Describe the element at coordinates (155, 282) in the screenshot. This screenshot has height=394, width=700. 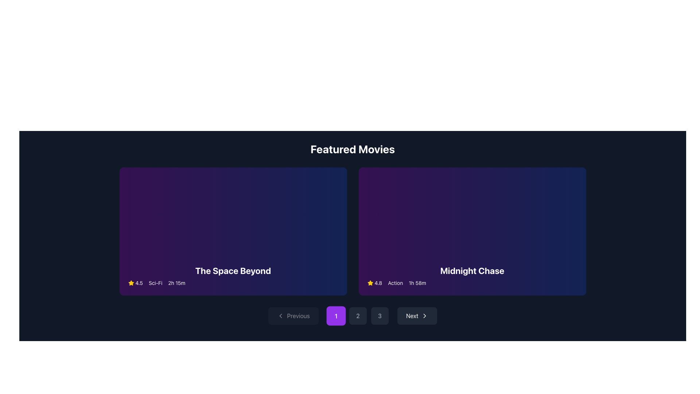
I see `the text label displaying 'Sci-Fi', which is positioned between a star-rating indicator and a movie duration label` at that location.